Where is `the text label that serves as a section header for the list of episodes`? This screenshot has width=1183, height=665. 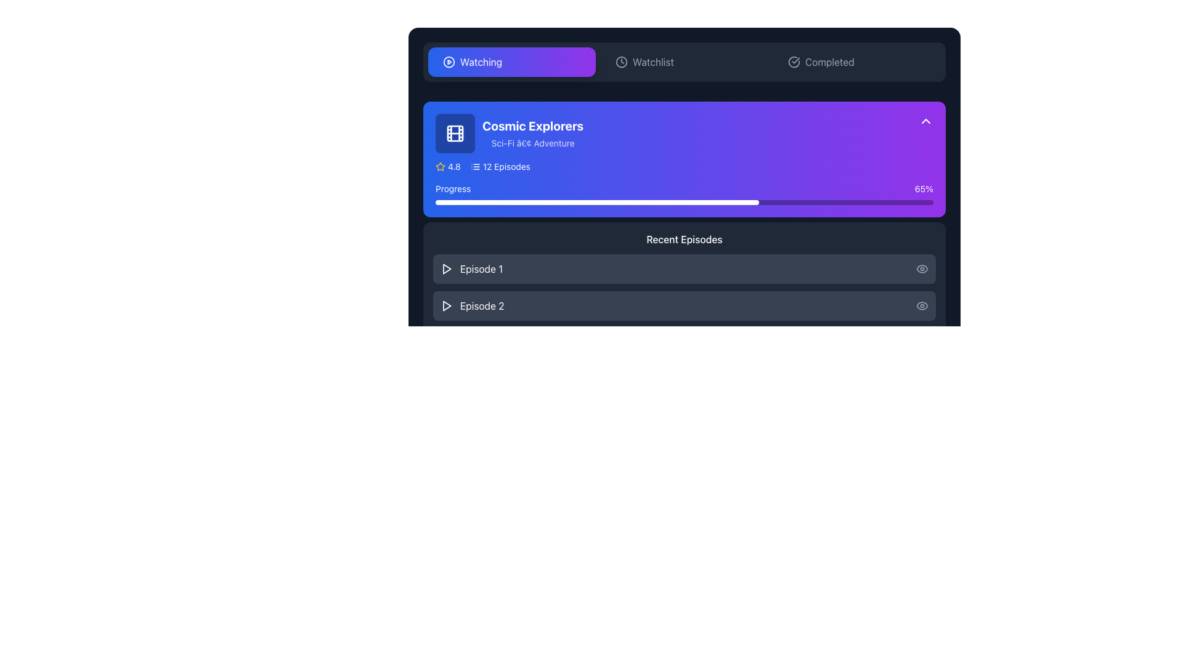 the text label that serves as a section header for the list of episodes is located at coordinates (683, 240).